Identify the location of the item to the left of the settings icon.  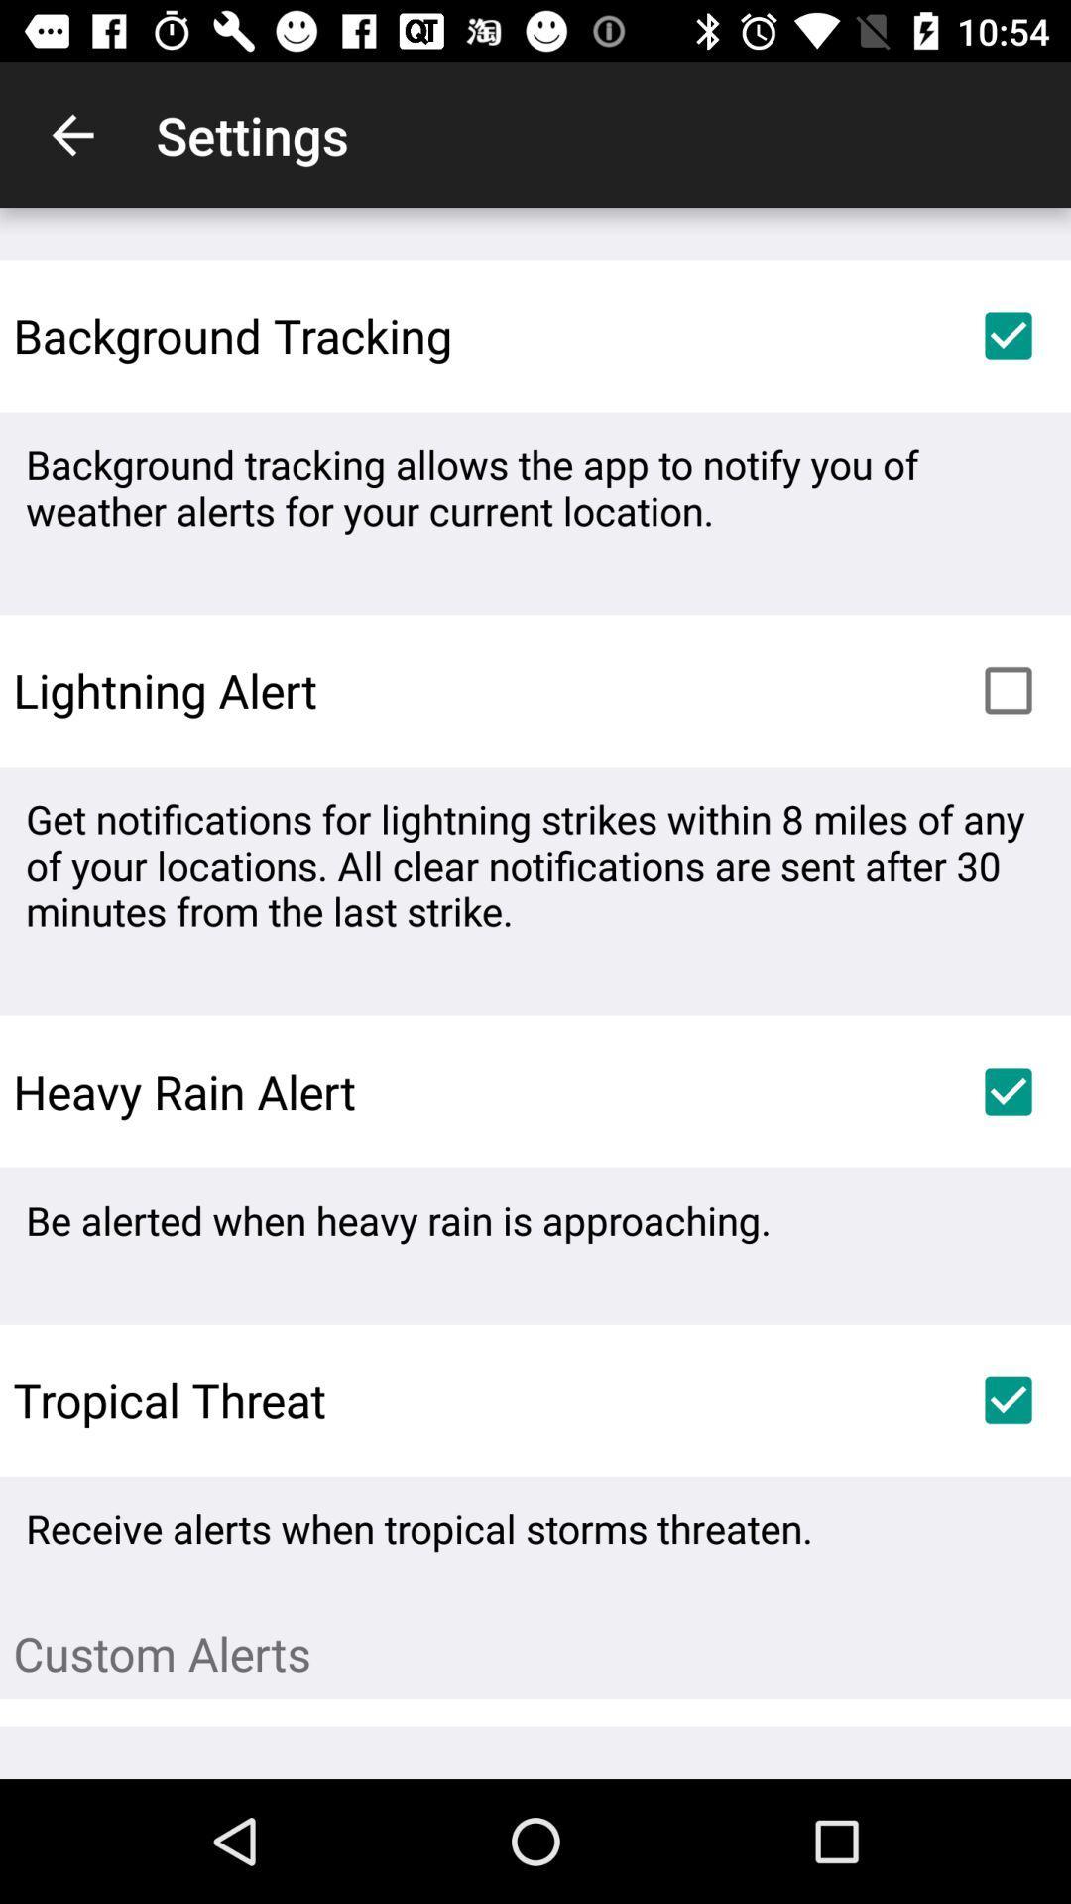
(71, 134).